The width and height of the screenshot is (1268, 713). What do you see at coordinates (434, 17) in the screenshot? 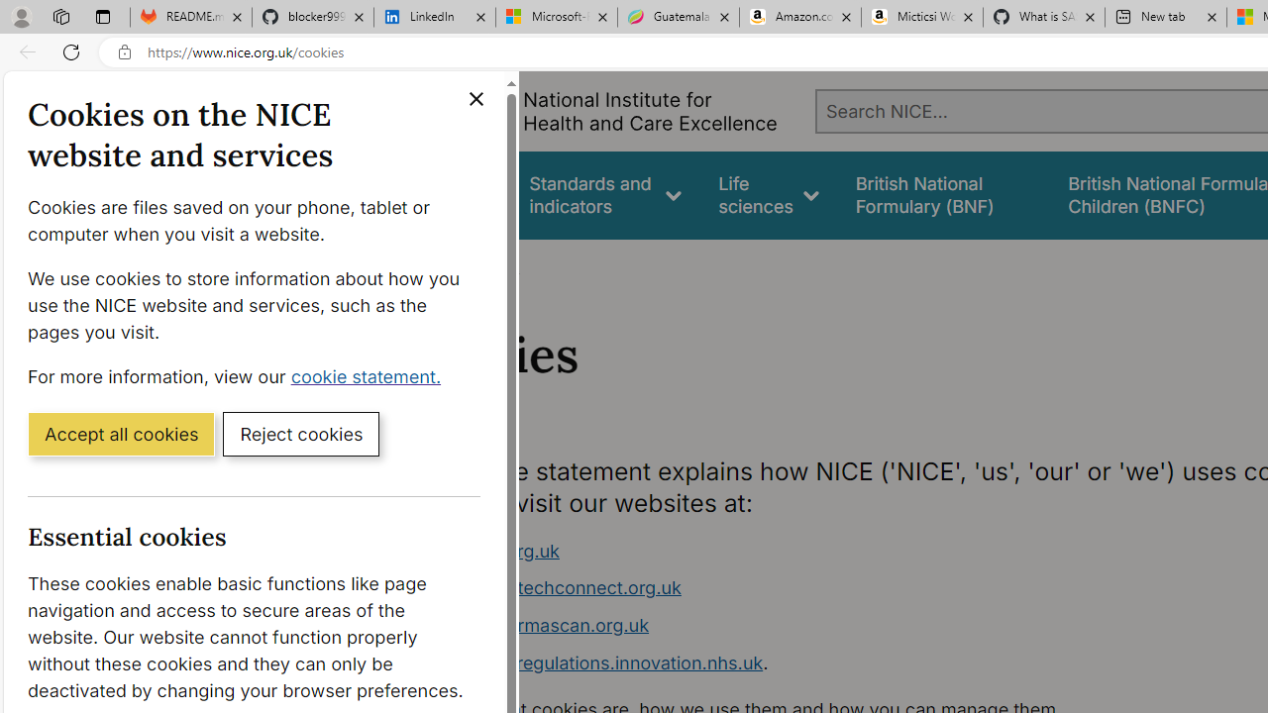
I see `'LinkedIn'` at bounding box center [434, 17].